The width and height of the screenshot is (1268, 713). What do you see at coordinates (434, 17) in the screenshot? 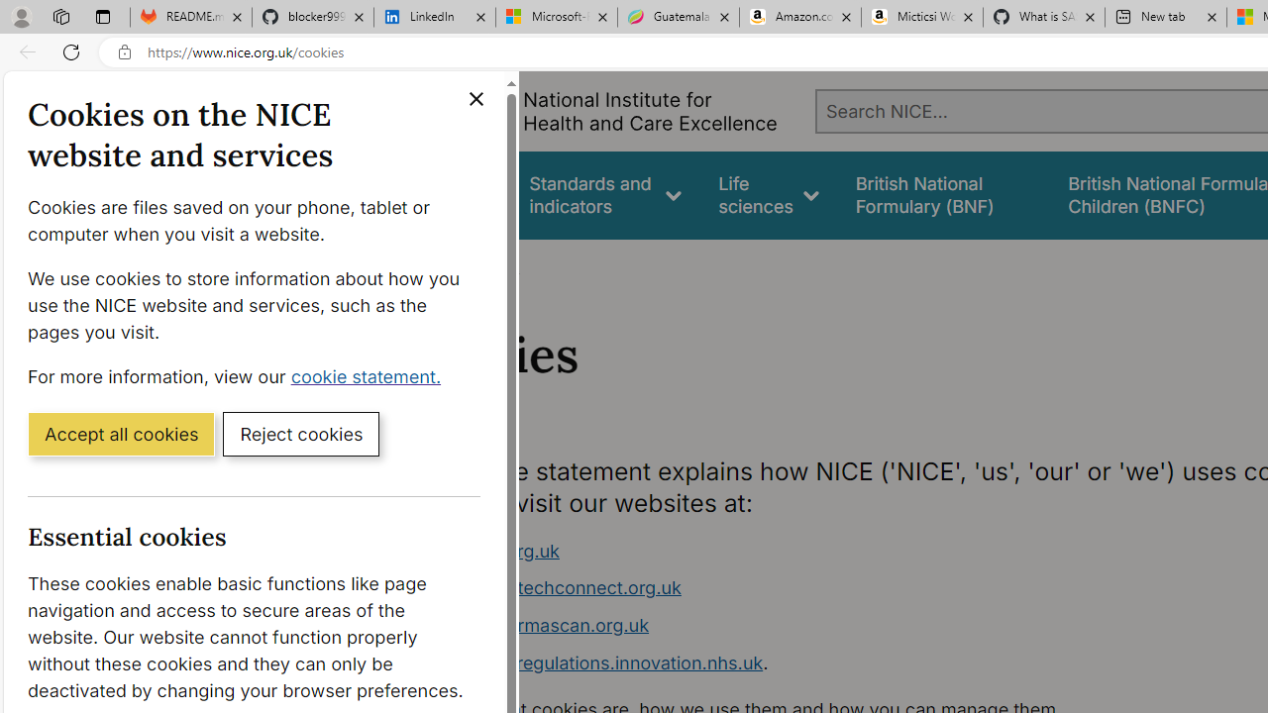
I see `'LinkedIn'` at bounding box center [434, 17].